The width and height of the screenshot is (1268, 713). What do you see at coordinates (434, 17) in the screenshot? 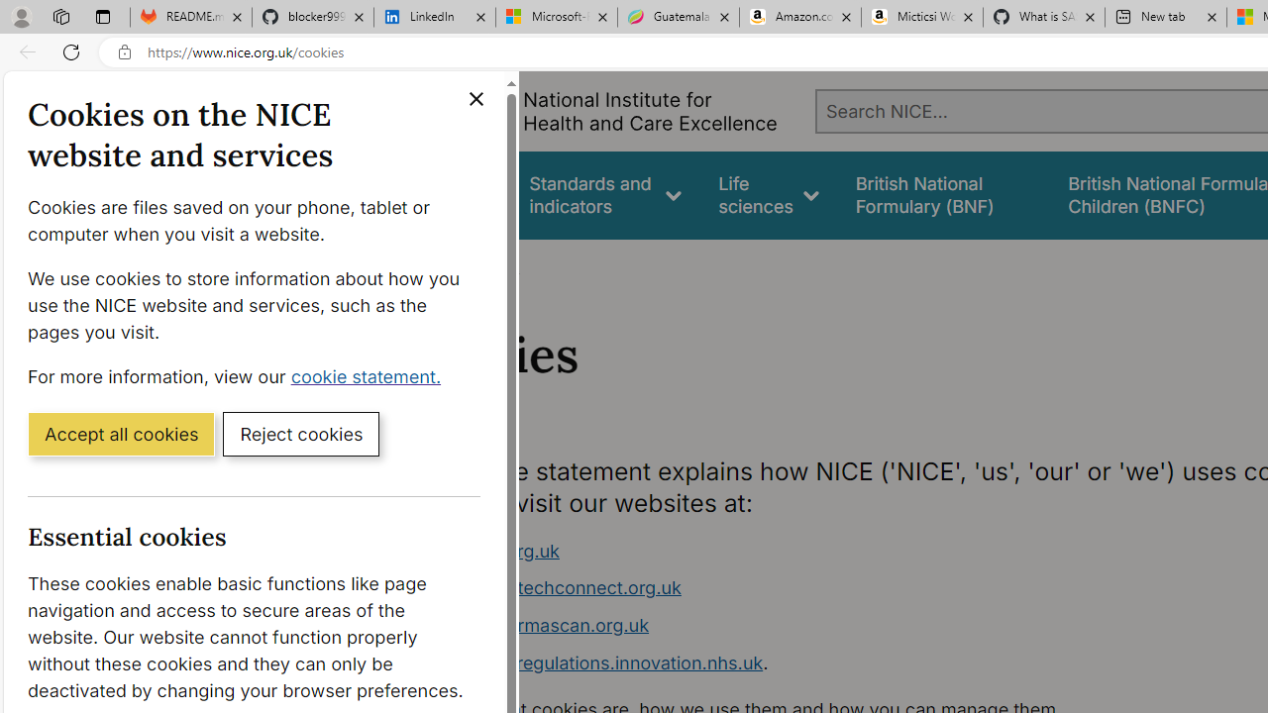
I see `'LinkedIn'` at bounding box center [434, 17].